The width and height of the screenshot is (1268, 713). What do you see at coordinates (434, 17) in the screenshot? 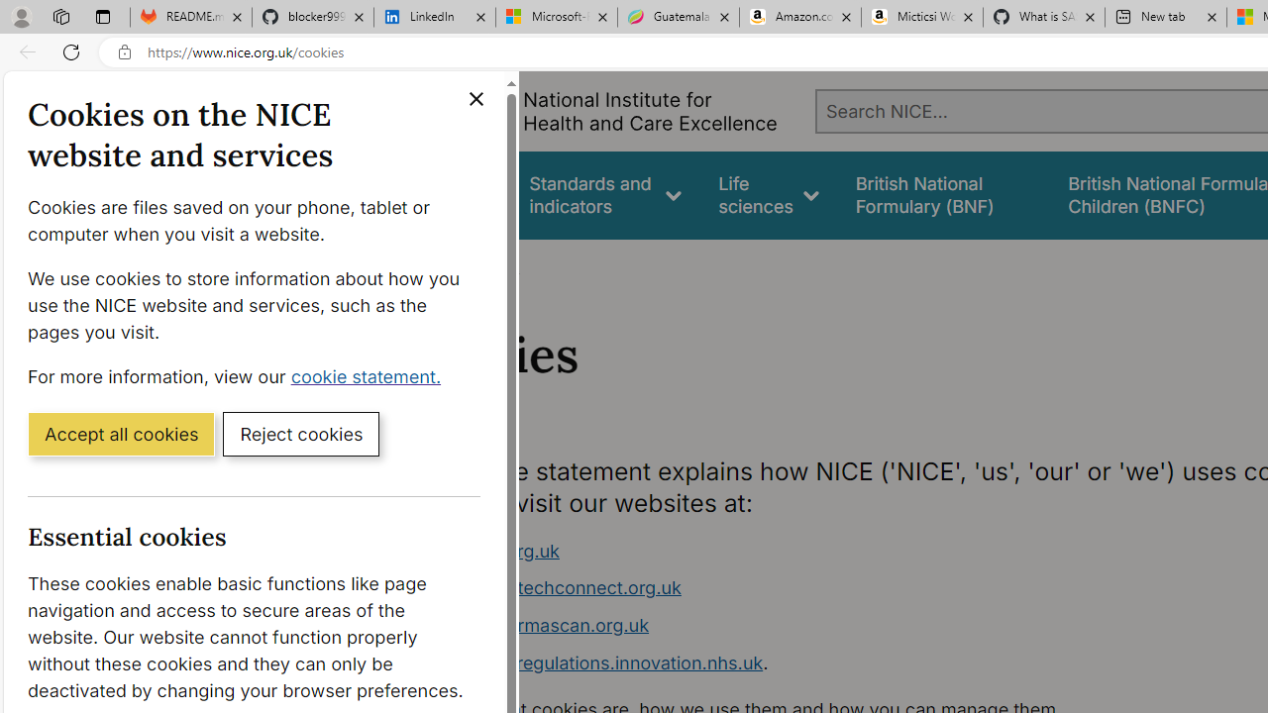
I see `'LinkedIn'` at bounding box center [434, 17].